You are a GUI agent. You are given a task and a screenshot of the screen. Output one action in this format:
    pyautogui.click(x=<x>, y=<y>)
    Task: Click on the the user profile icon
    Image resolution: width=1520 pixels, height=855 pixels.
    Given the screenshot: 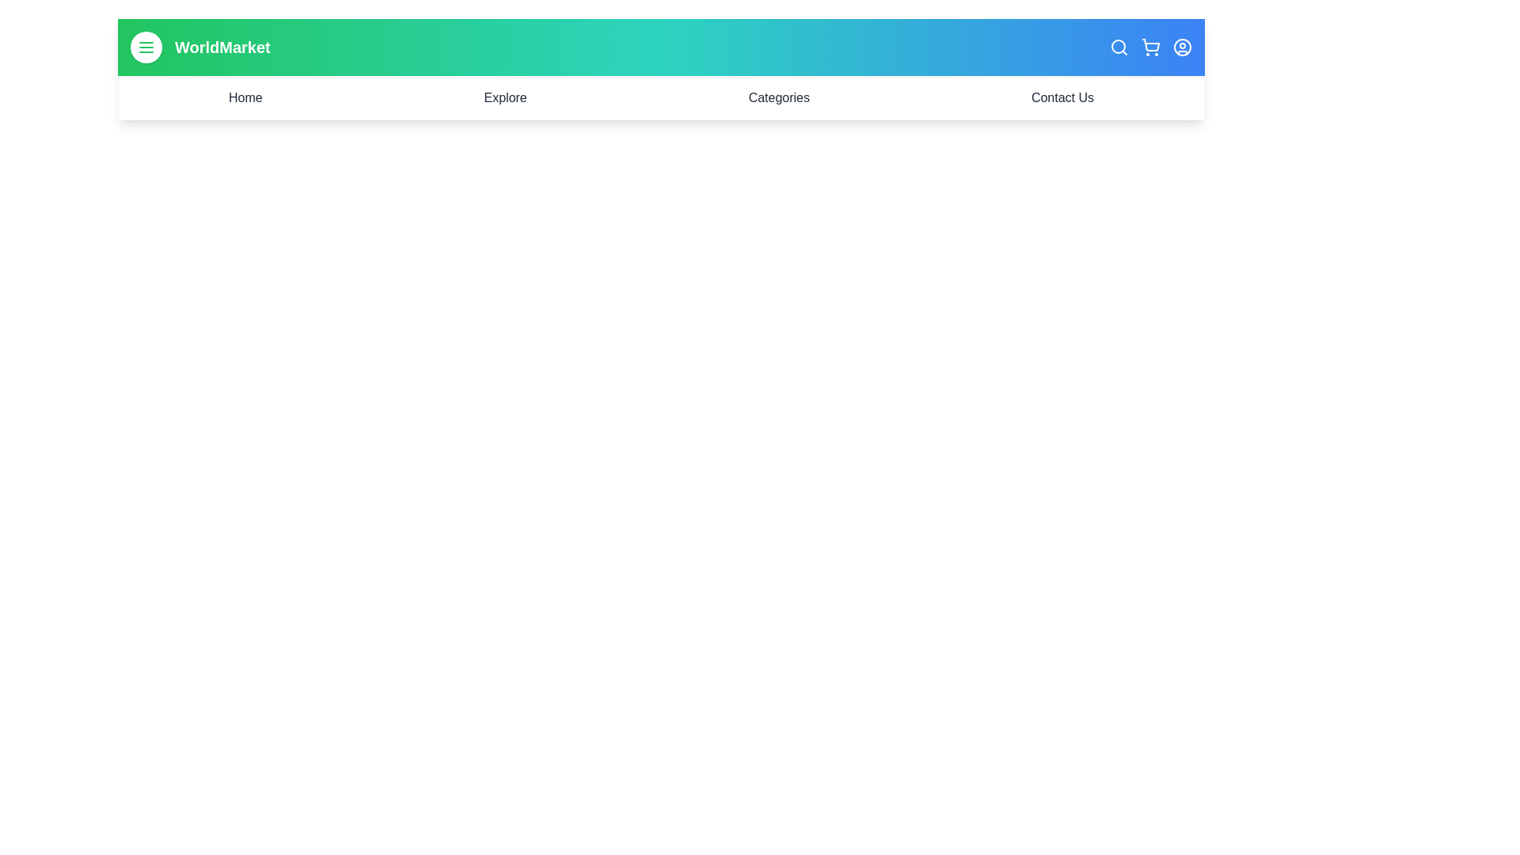 What is the action you would take?
    pyautogui.click(x=1182, y=47)
    